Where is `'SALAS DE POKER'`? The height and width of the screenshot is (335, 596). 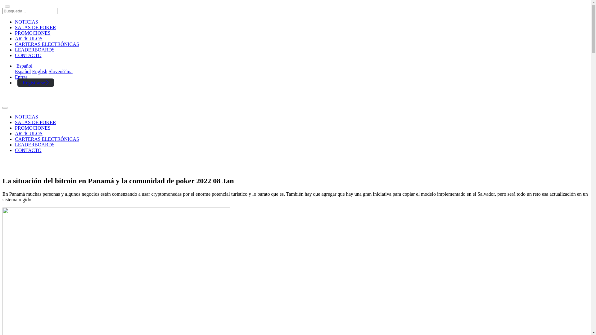 'SALAS DE POKER' is located at coordinates (15, 122).